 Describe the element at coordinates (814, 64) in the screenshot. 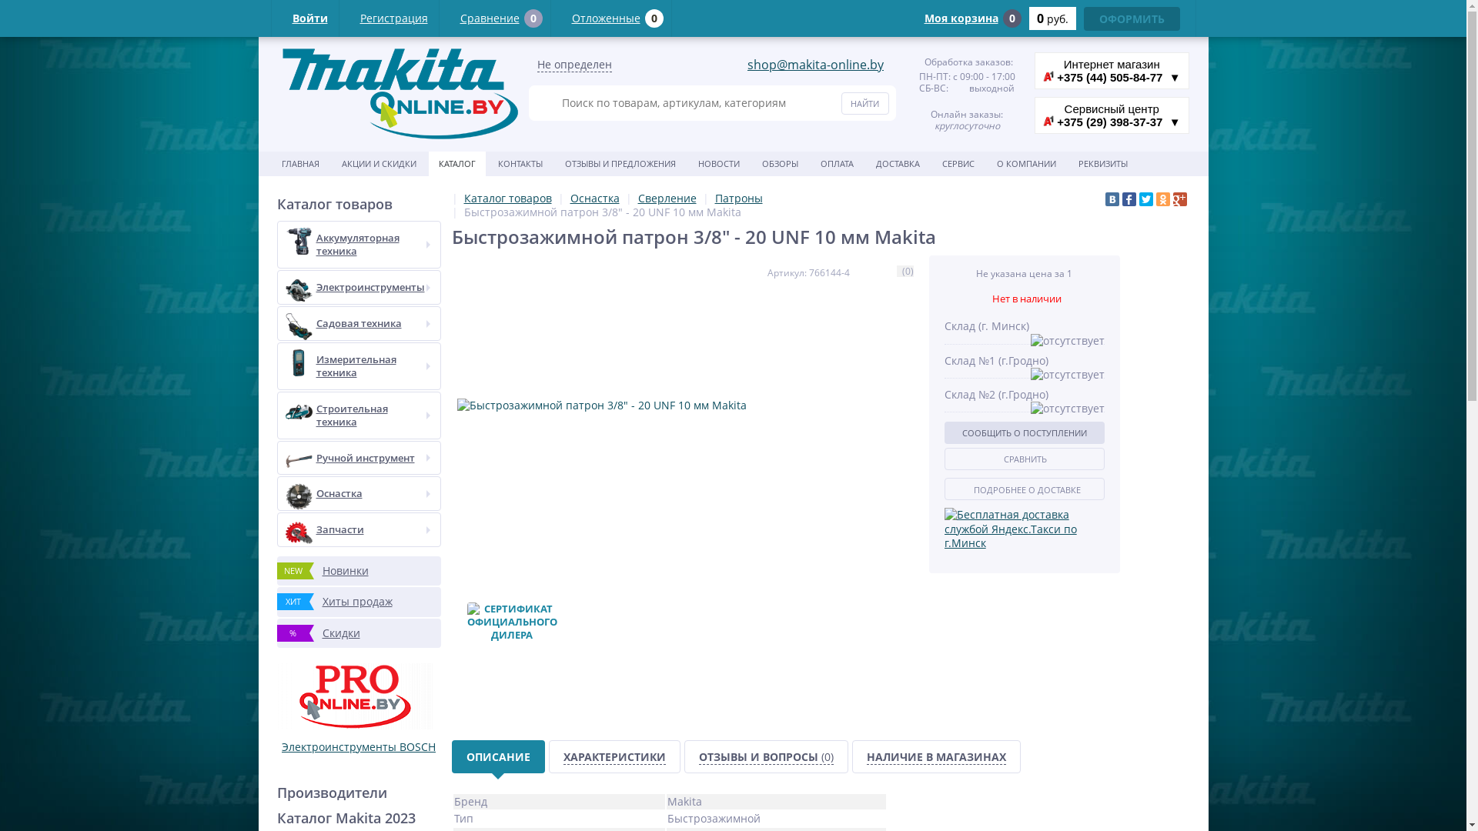

I see `'shop@makita-online.by'` at that location.